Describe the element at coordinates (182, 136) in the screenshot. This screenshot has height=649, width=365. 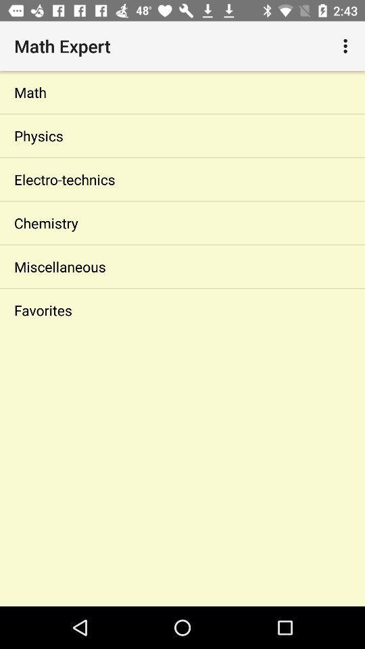
I see `the item above electro-technics app` at that location.